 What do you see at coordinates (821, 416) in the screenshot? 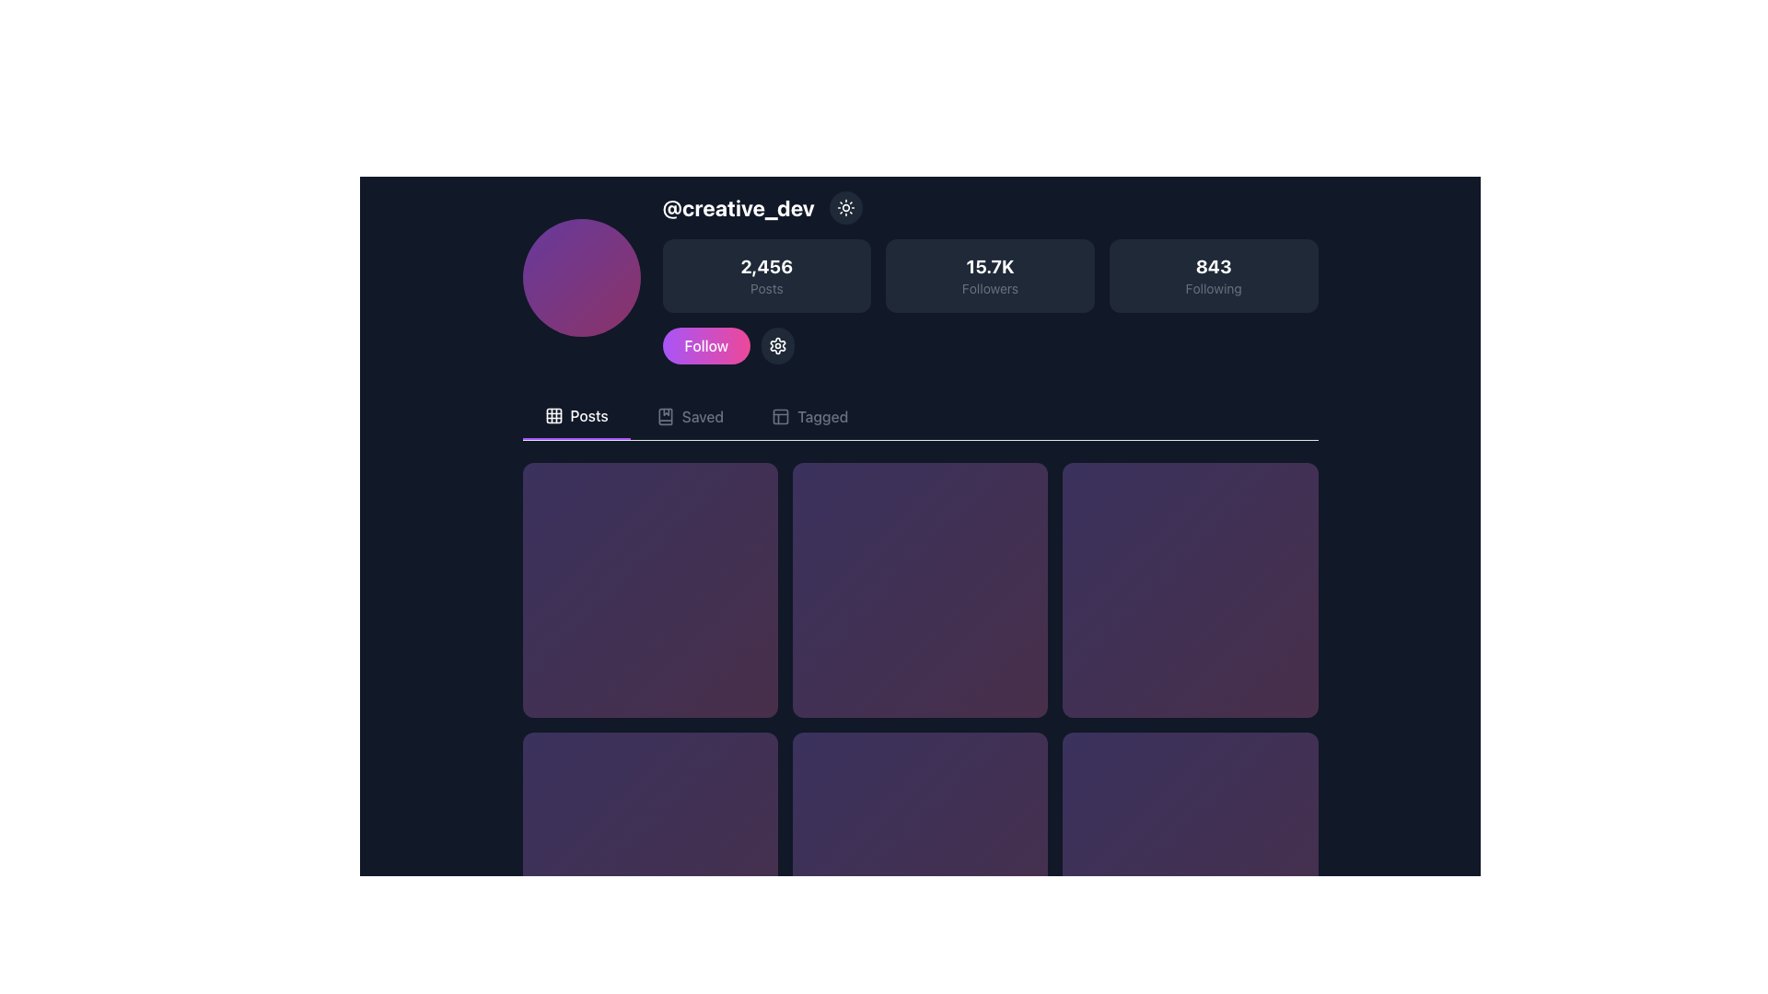
I see `the 'Tagged' Text label in the navigation menu` at bounding box center [821, 416].